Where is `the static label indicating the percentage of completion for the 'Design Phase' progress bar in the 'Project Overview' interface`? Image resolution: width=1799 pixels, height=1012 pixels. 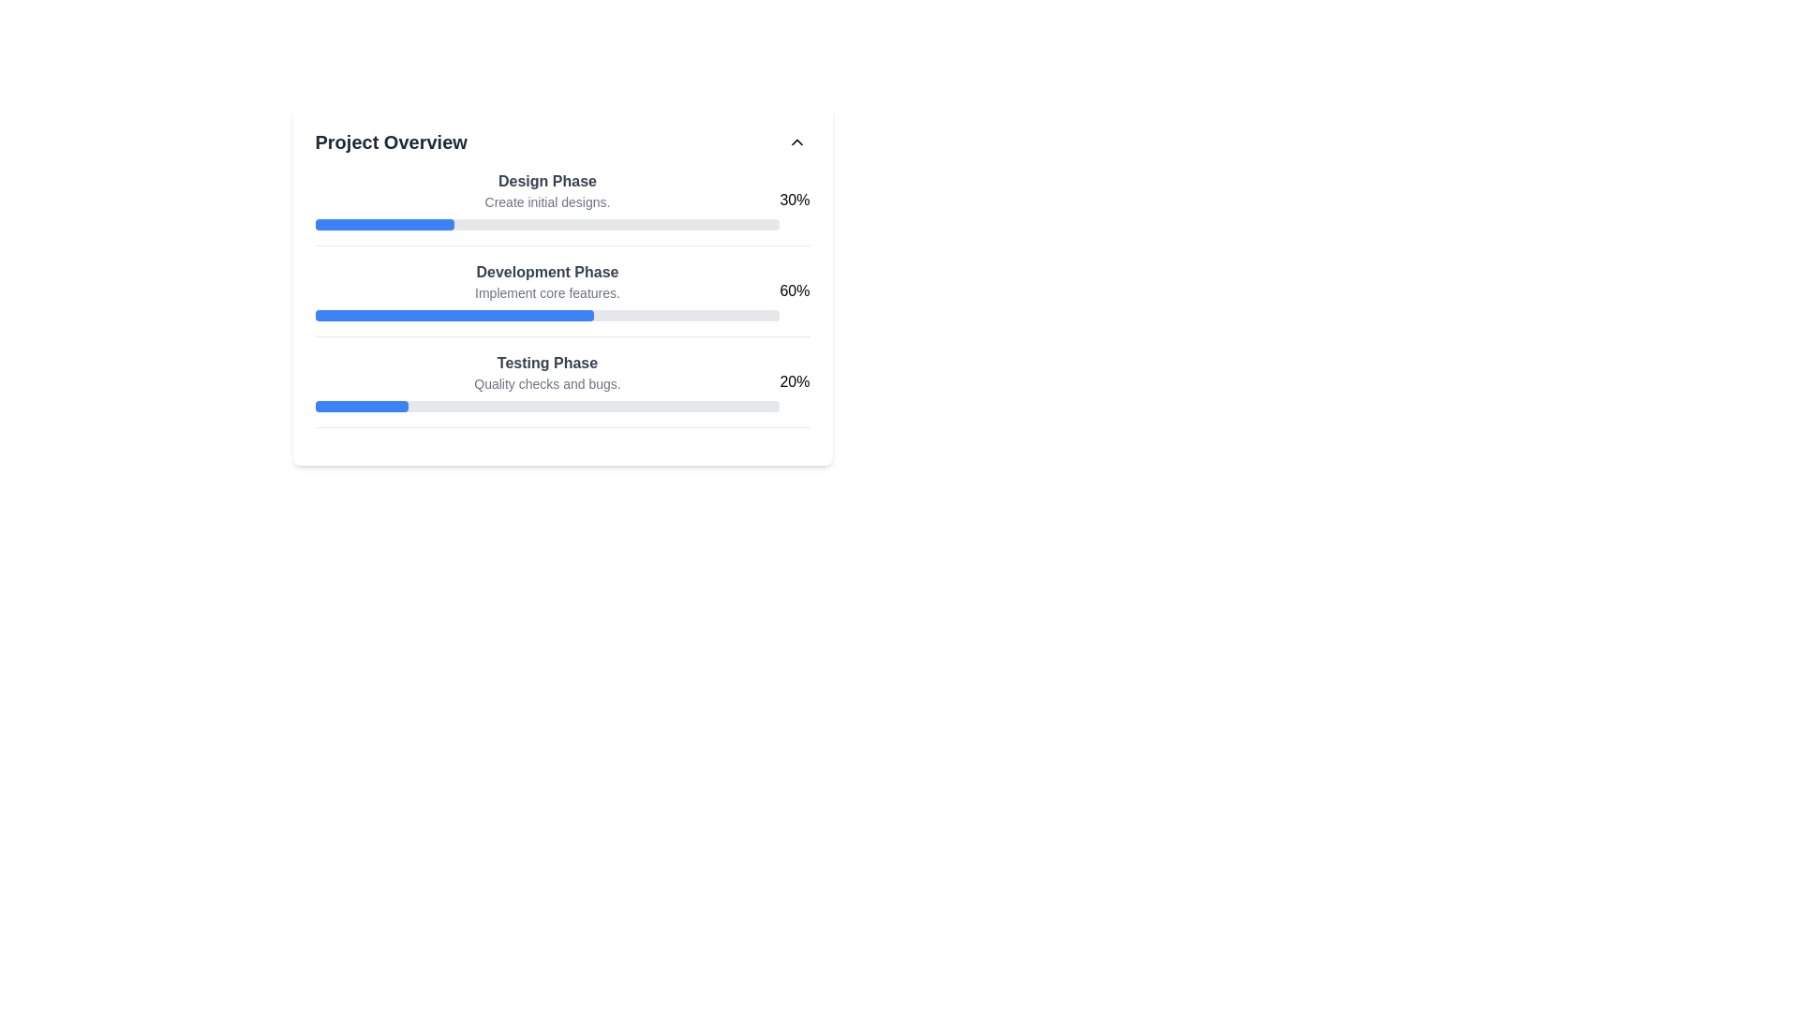
the static label indicating the percentage of completion for the 'Design Phase' progress bar in the 'Project Overview' interface is located at coordinates (795, 200).